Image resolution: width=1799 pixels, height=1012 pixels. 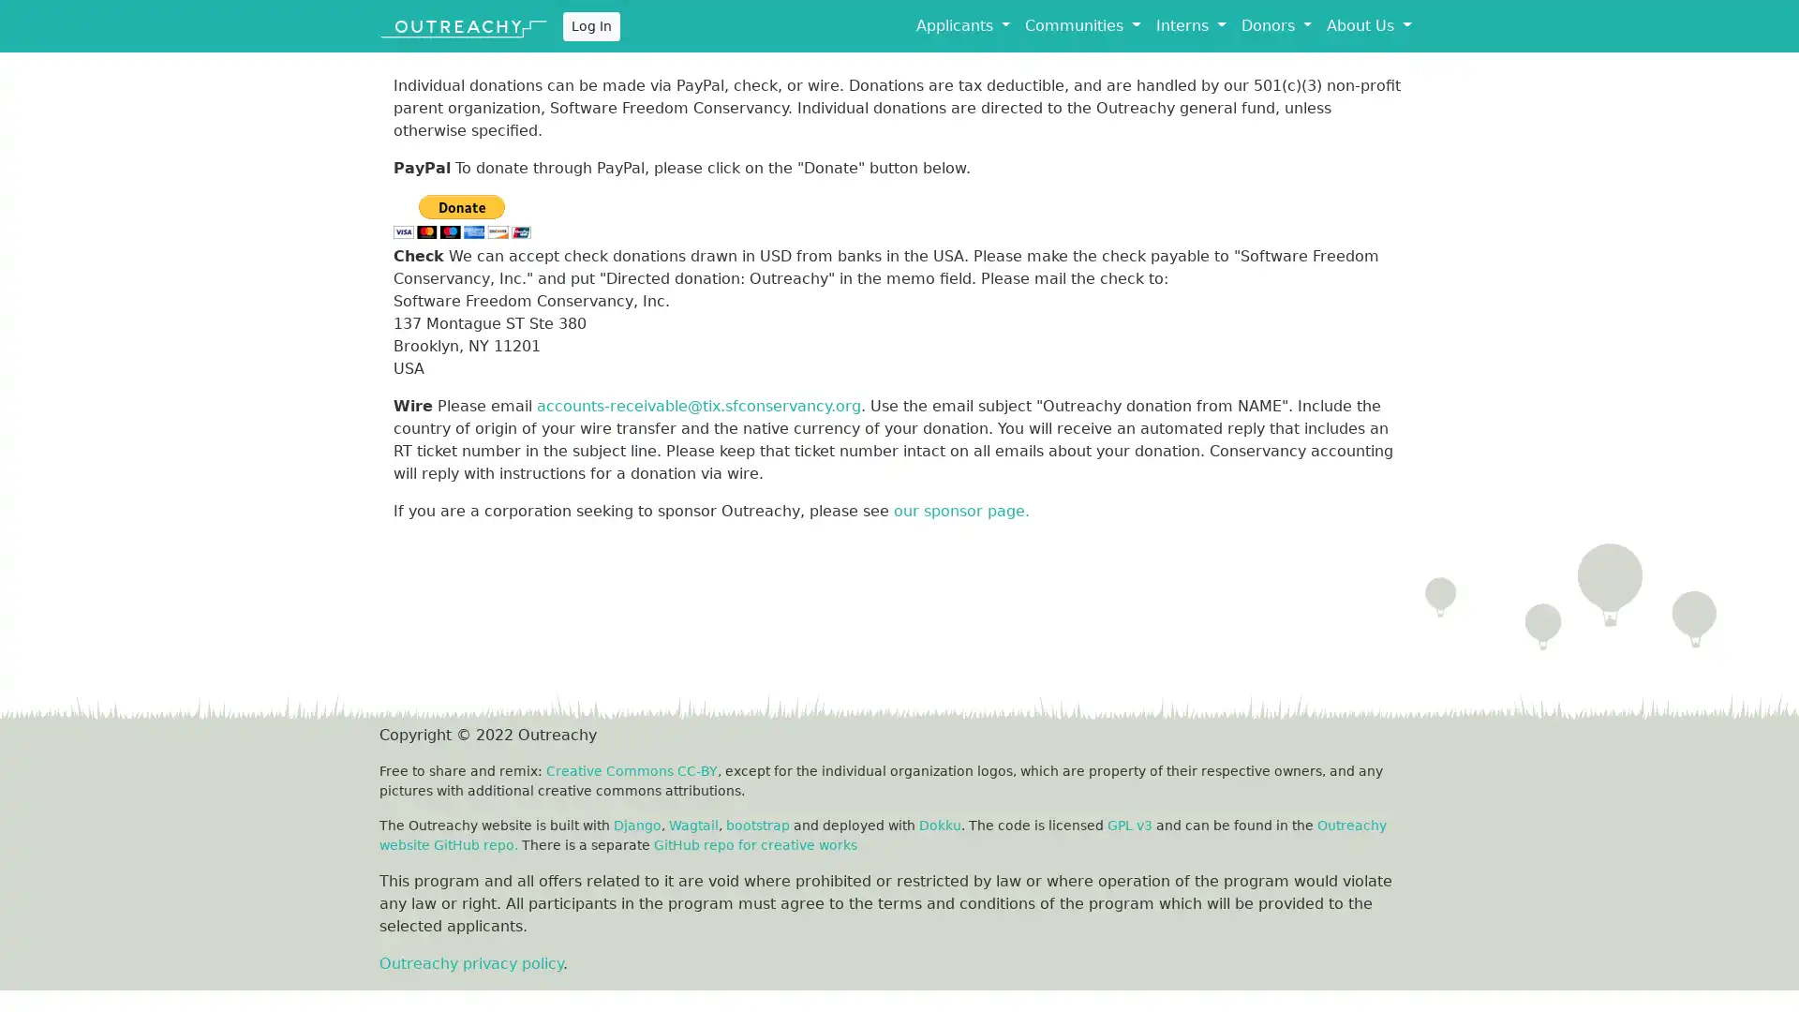 I want to click on PayPal - The safer, easier way to pay online!, so click(x=462, y=216).